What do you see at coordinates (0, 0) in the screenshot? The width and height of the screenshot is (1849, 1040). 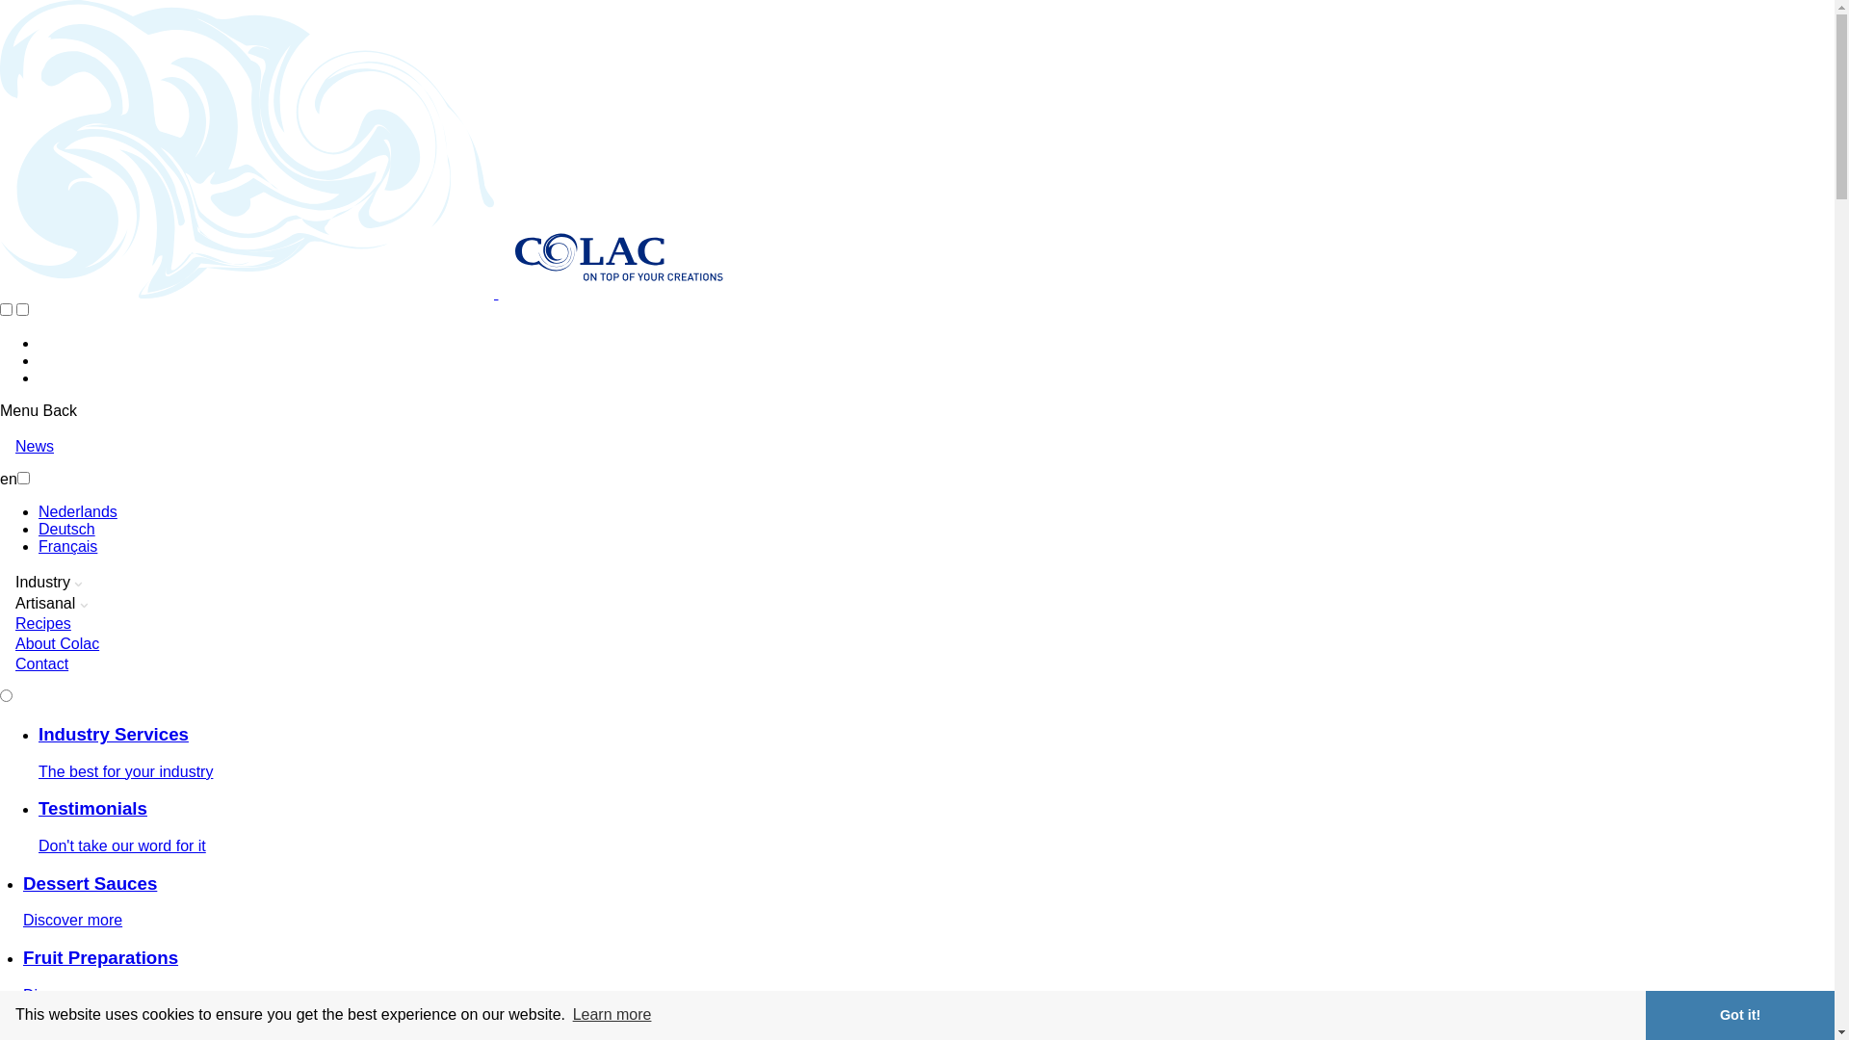 I see `'Skip to main content'` at bounding box center [0, 0].